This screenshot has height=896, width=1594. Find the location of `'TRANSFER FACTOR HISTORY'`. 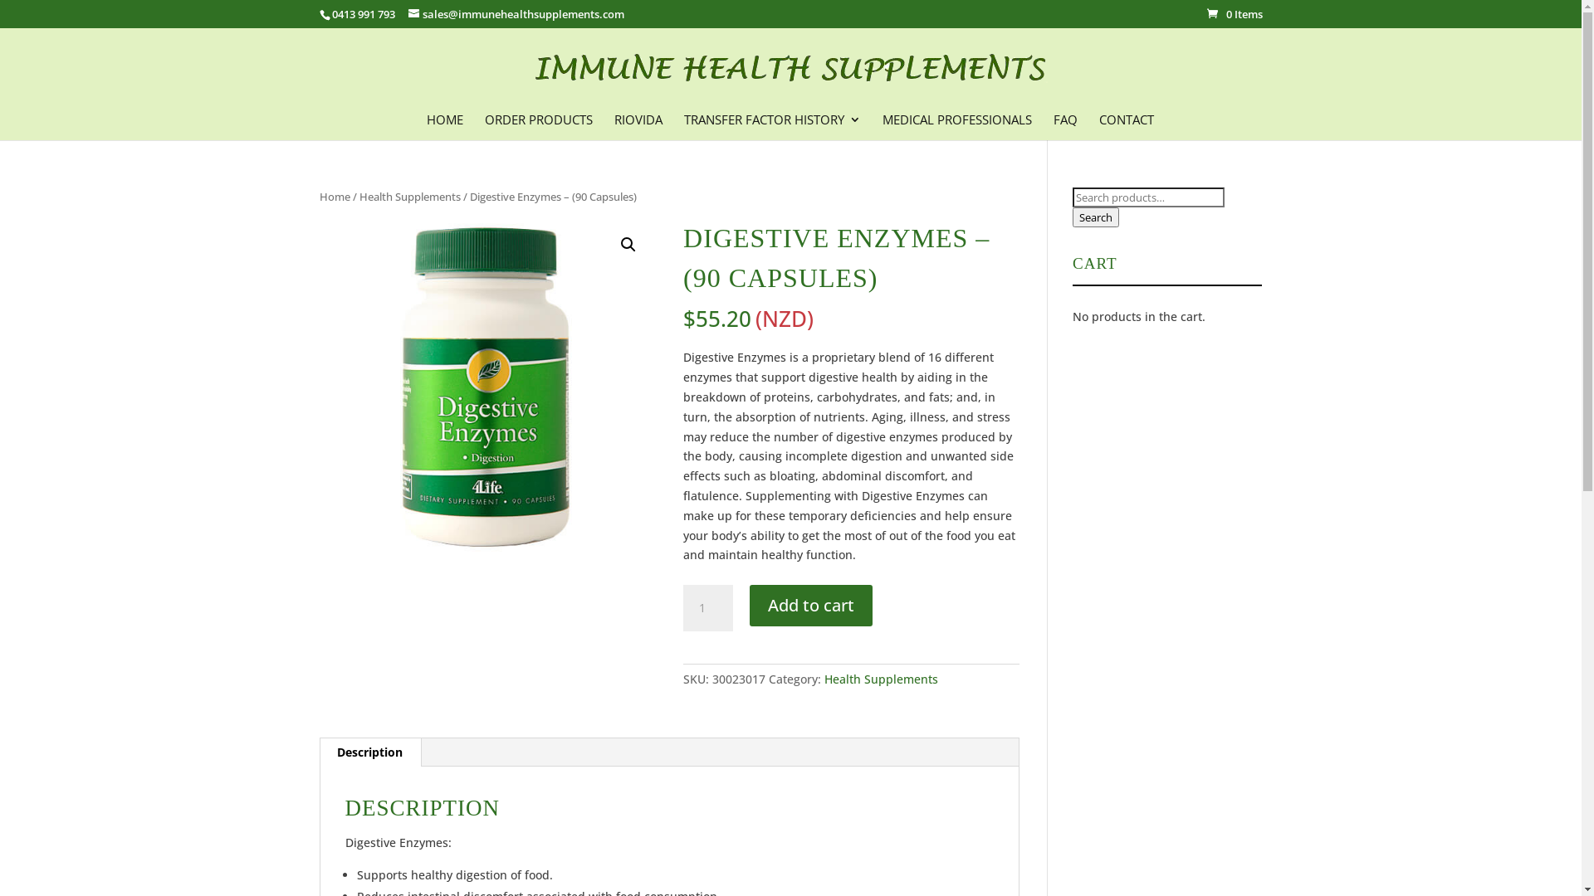

'TRANSFER FACTOR HISTORY' is located at coordinates (684, 124).